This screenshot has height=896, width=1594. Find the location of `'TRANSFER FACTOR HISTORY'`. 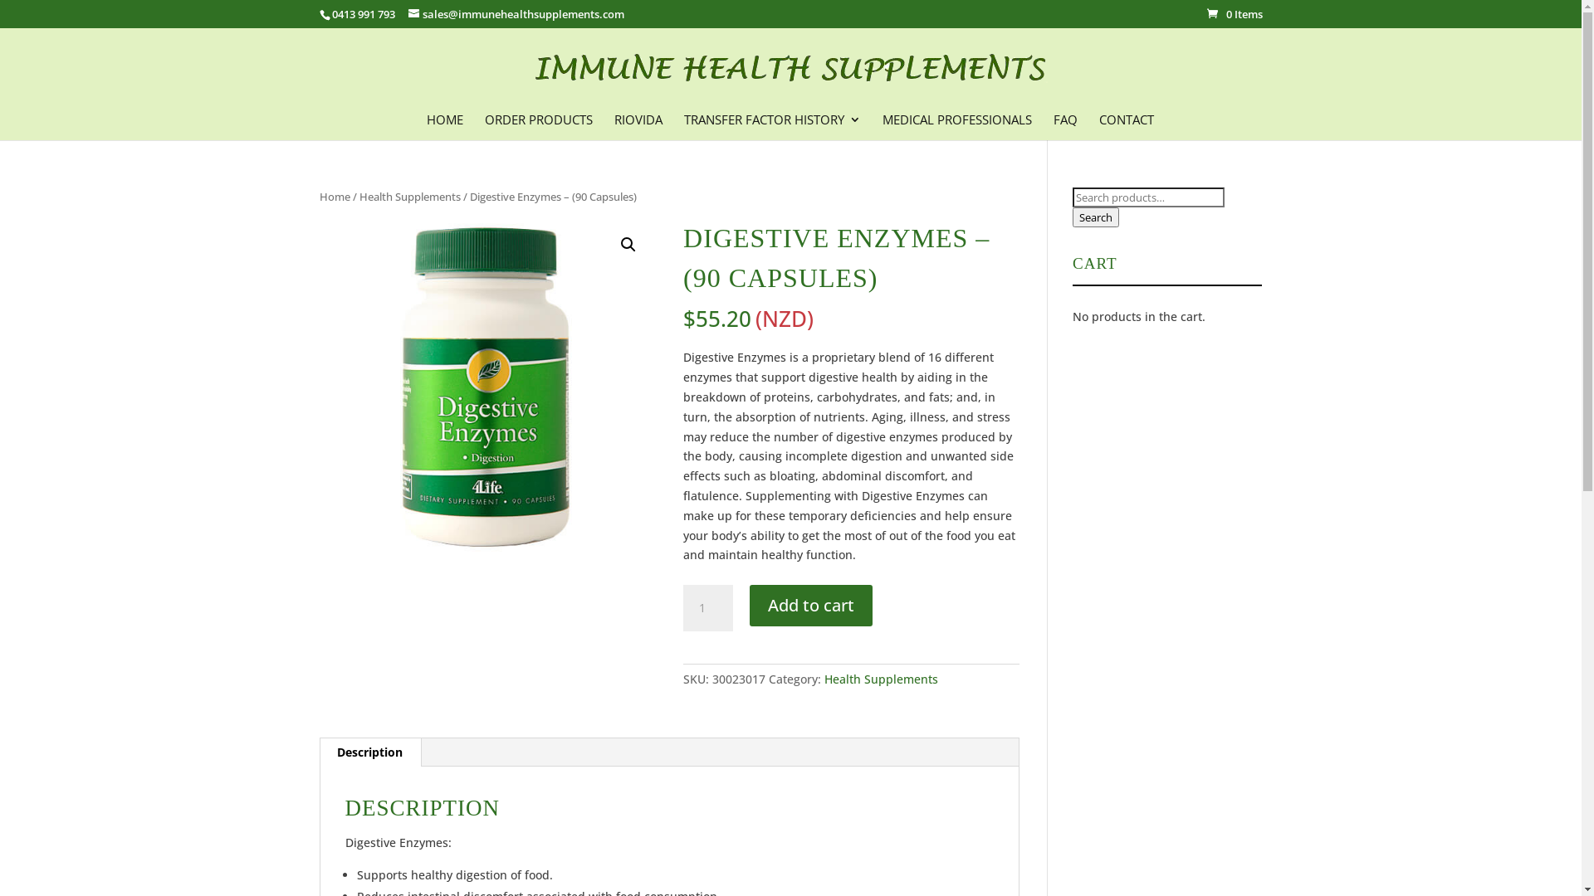

'TRANSFER FACTOR HISTORY' is located at coordinates (684, 124).